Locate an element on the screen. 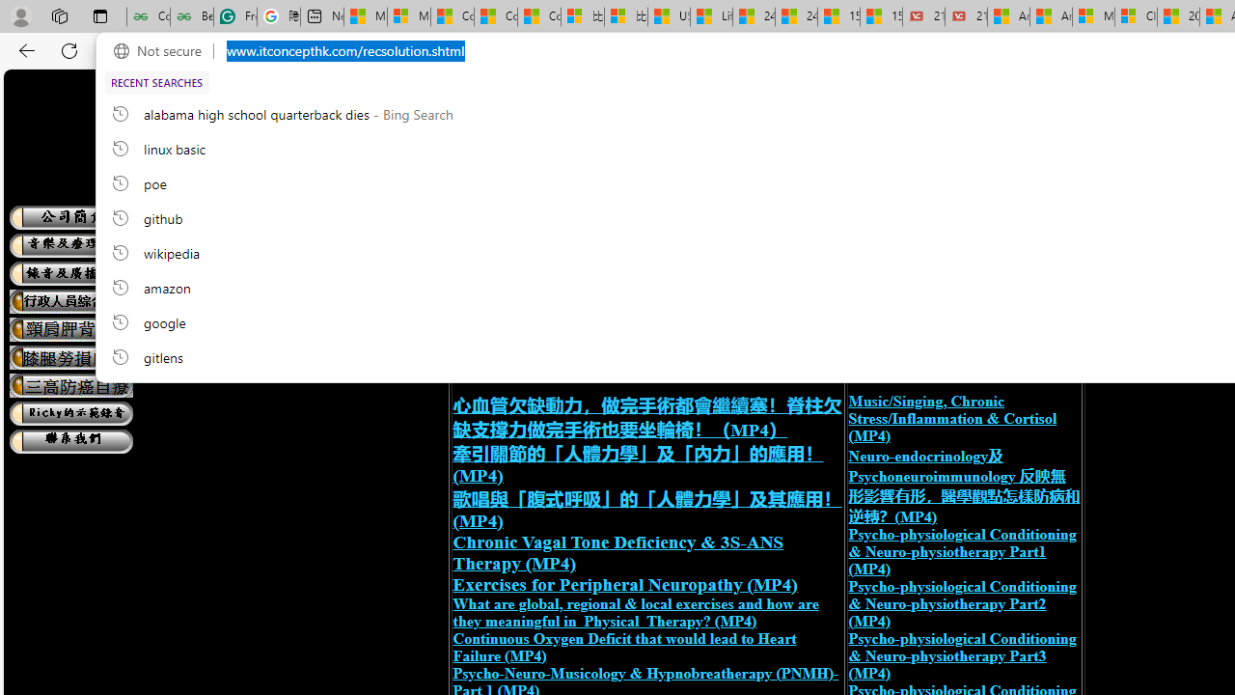  'Lifestyle - MSN' is located at coordinates (710, 16).